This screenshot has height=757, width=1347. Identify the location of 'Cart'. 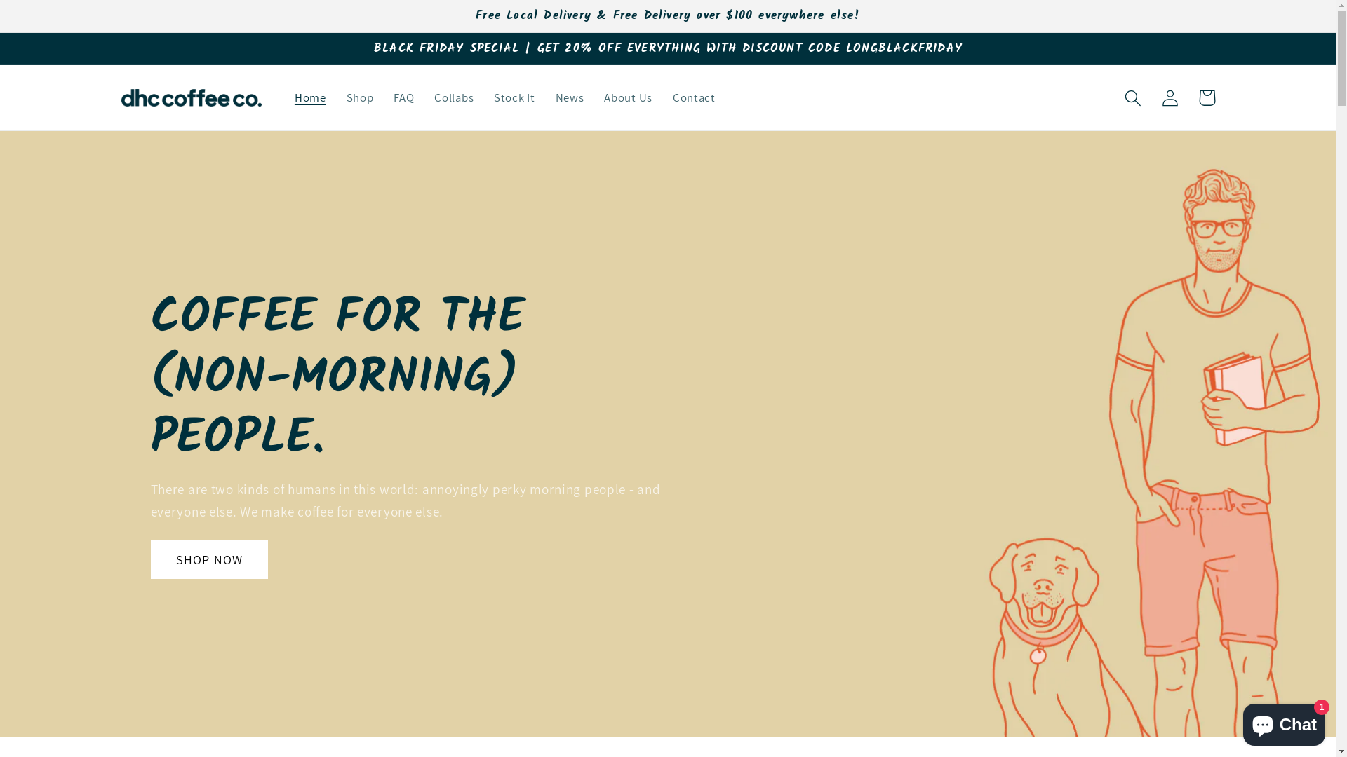
(1206, 97).